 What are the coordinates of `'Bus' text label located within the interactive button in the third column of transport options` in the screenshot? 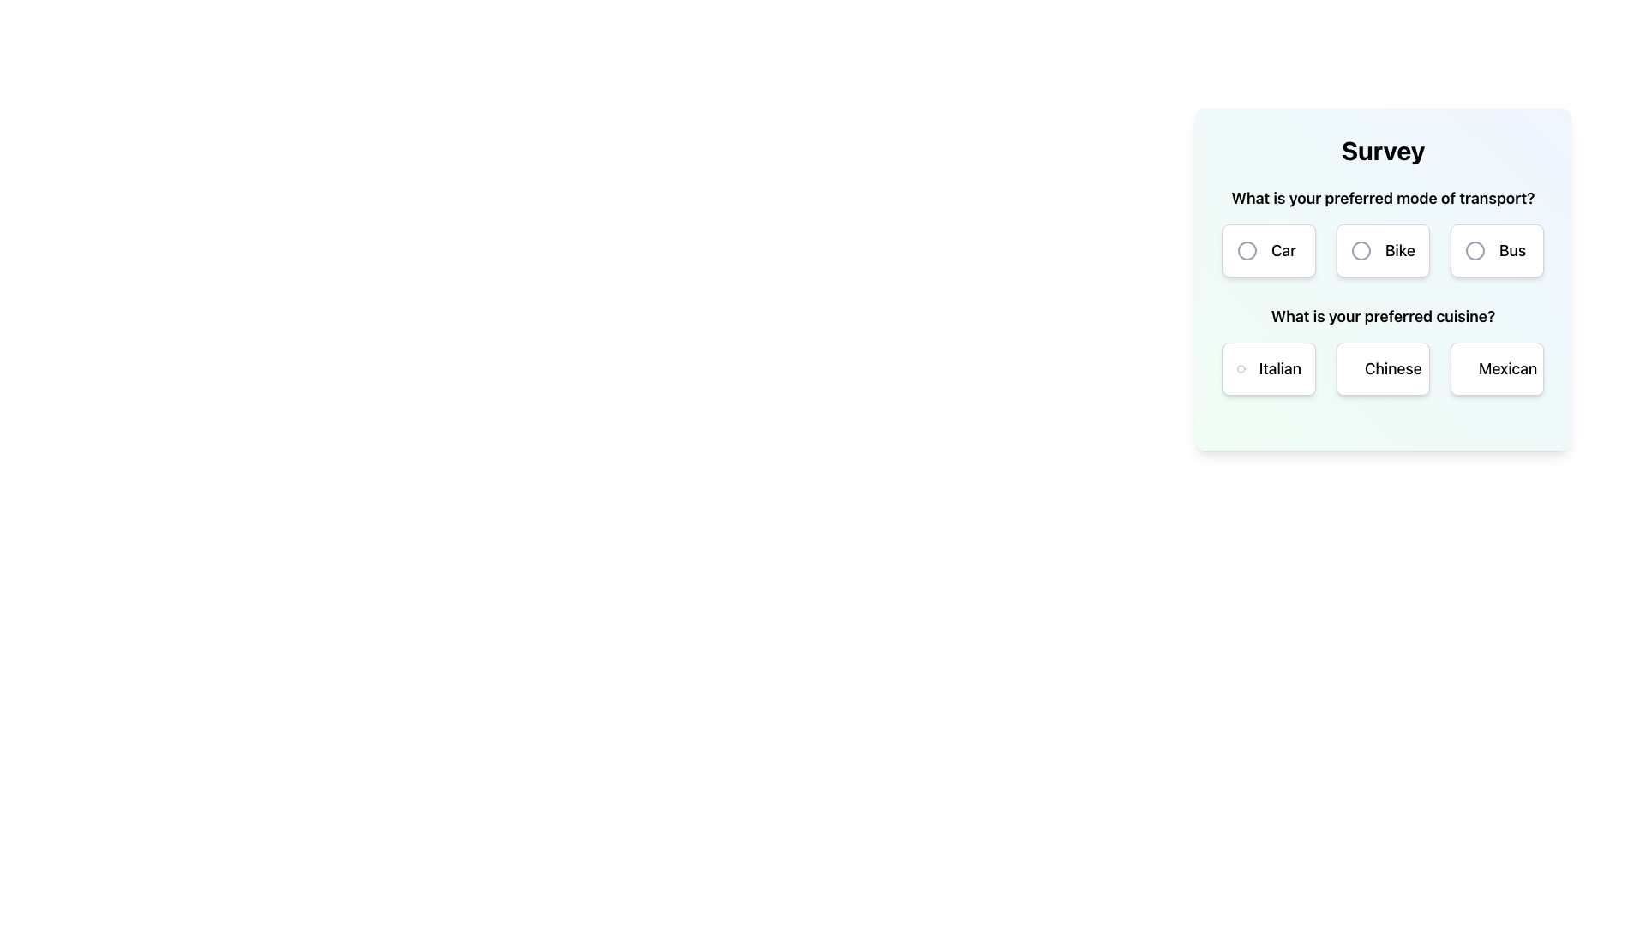 It's located at (1512, 251).